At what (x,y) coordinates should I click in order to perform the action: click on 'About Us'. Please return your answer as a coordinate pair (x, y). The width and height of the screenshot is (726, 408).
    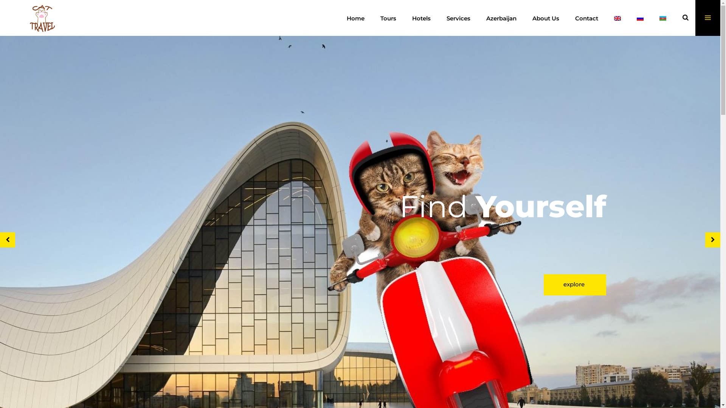
    Looking at the image, I should click on (546, 17).